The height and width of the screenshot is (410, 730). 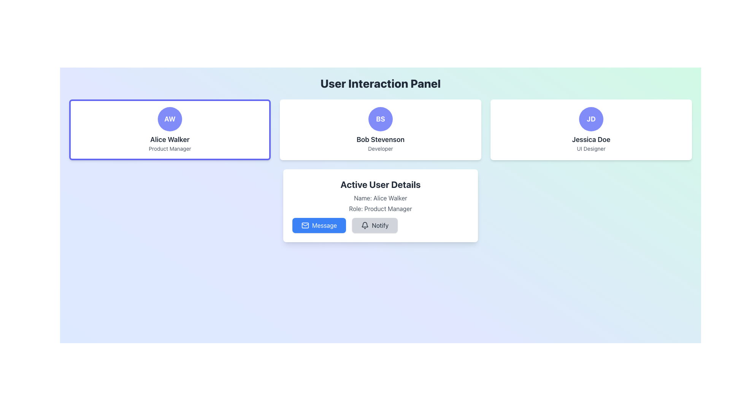 What do you see at coordinates (169, 119) in the screenshot?
I see `the circular profile badge displaying the initials 'AW' in bold, white text on an indigo background, located at the top center of the user profile card` at bounding box center [169, 119].